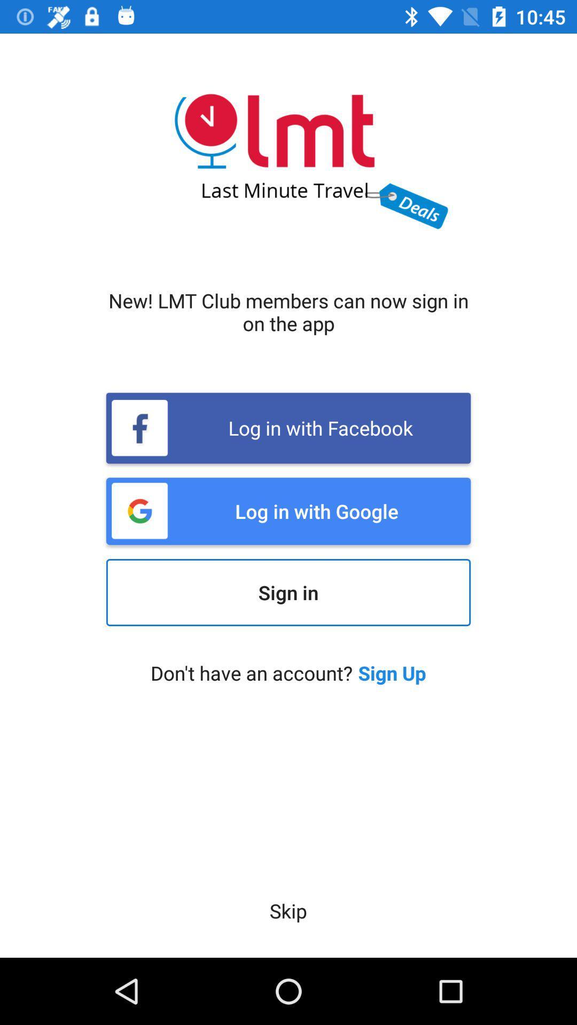 This screenshot has height=1025, width=577. I want to click on the sign up, so click(392, 672).